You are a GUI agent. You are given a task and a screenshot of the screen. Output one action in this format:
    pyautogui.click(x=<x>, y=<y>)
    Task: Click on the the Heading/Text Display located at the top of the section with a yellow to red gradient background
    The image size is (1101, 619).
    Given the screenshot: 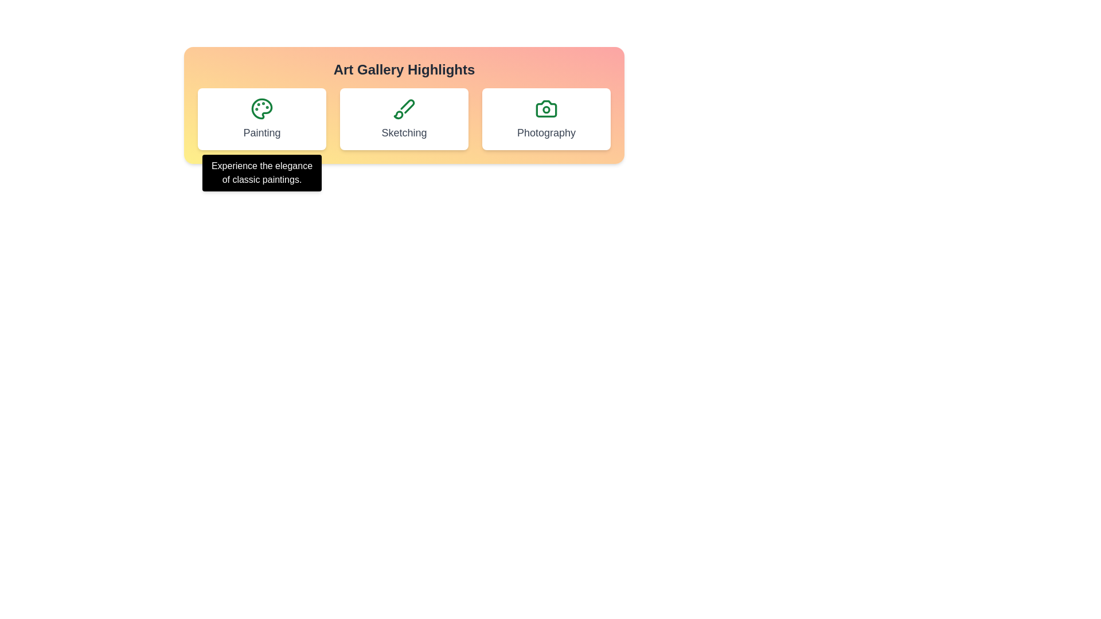 What is the action you would take?
    pyautogui.click(x=404, y=70)
    